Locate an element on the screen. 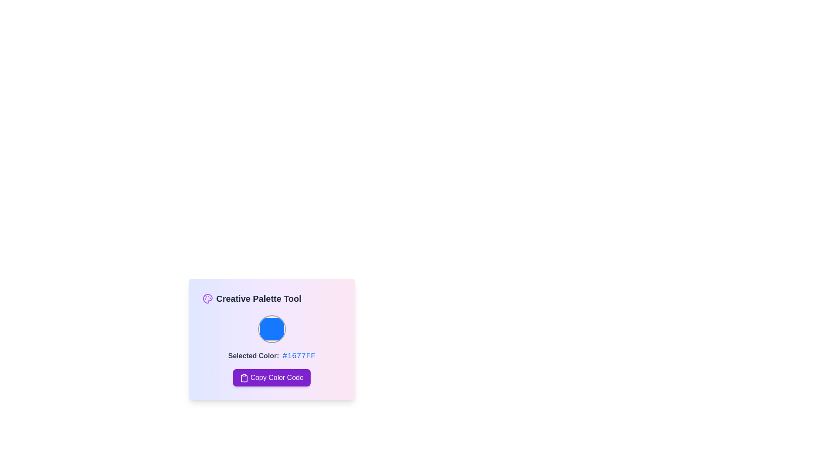 The width and height of the screenshot is (833, 469). the text component displaying the value '#1677FF', which is styled in blue and indicates the selected color, located immediately to the right of the label 'Selected Color:' is located at coordinates (299, 356).